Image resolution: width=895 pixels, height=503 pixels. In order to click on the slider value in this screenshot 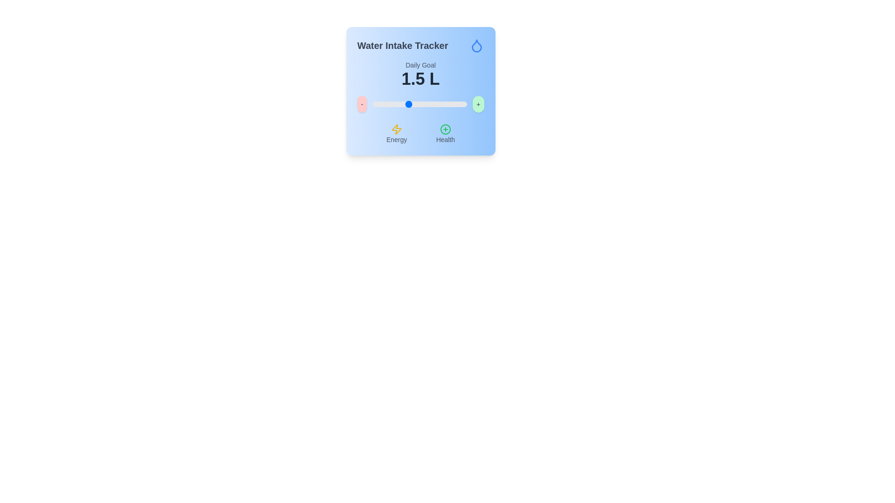, I will do `click(419, 104)`.